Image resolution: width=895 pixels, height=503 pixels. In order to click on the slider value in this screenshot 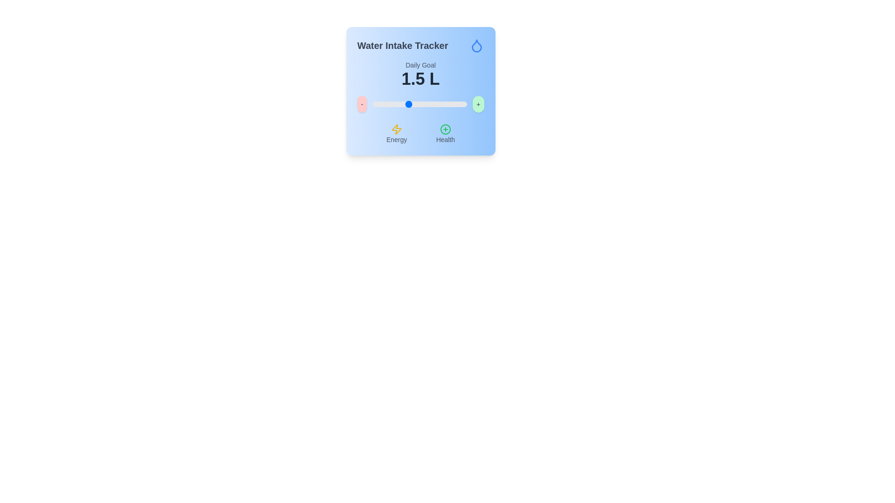, I will do `click(419, 104)`.